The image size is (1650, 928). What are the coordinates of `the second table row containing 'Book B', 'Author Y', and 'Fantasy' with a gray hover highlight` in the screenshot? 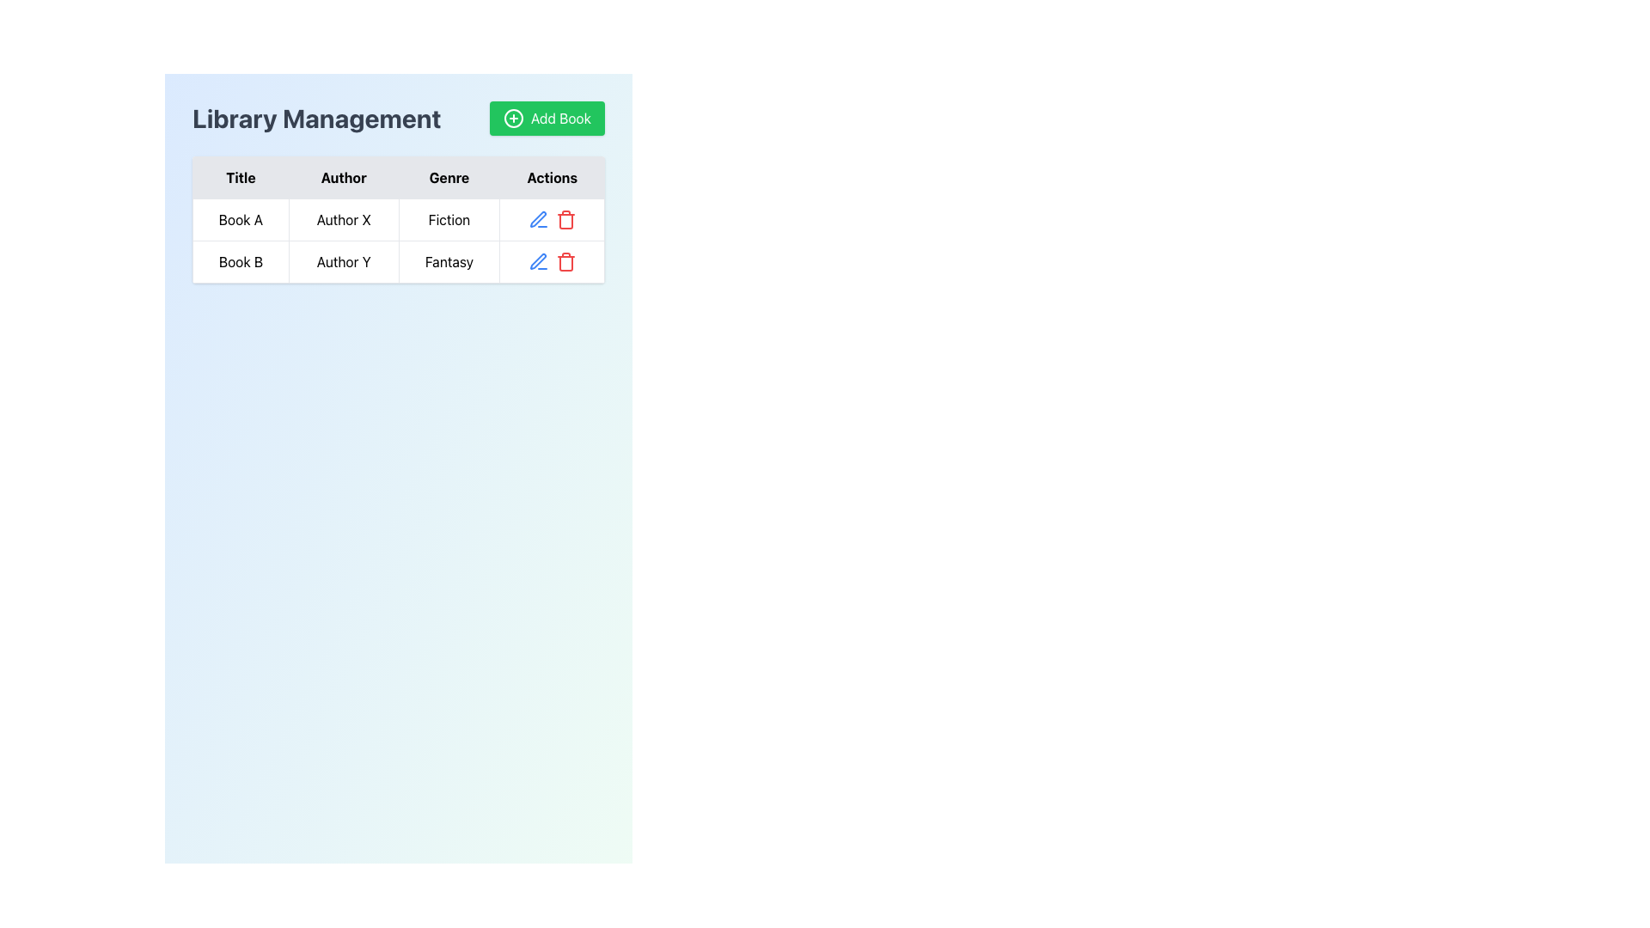 It's located at (398, 261).